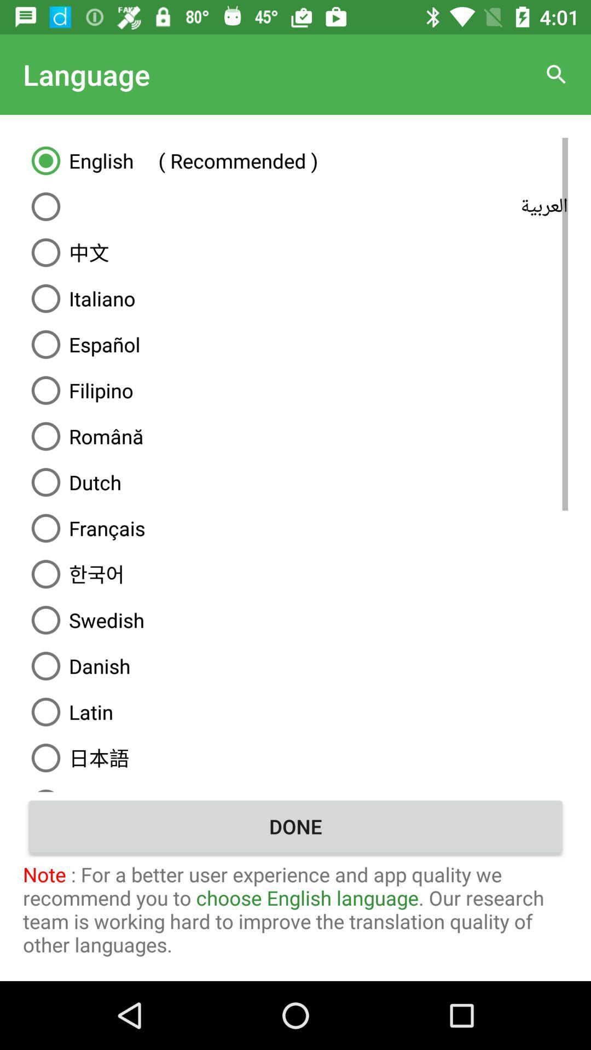 The height and width of the screenshot is (1050, 591). Describe the element at coordinates (557, 74) in the screenshot. I see `icon to the right of the language item` at that location.